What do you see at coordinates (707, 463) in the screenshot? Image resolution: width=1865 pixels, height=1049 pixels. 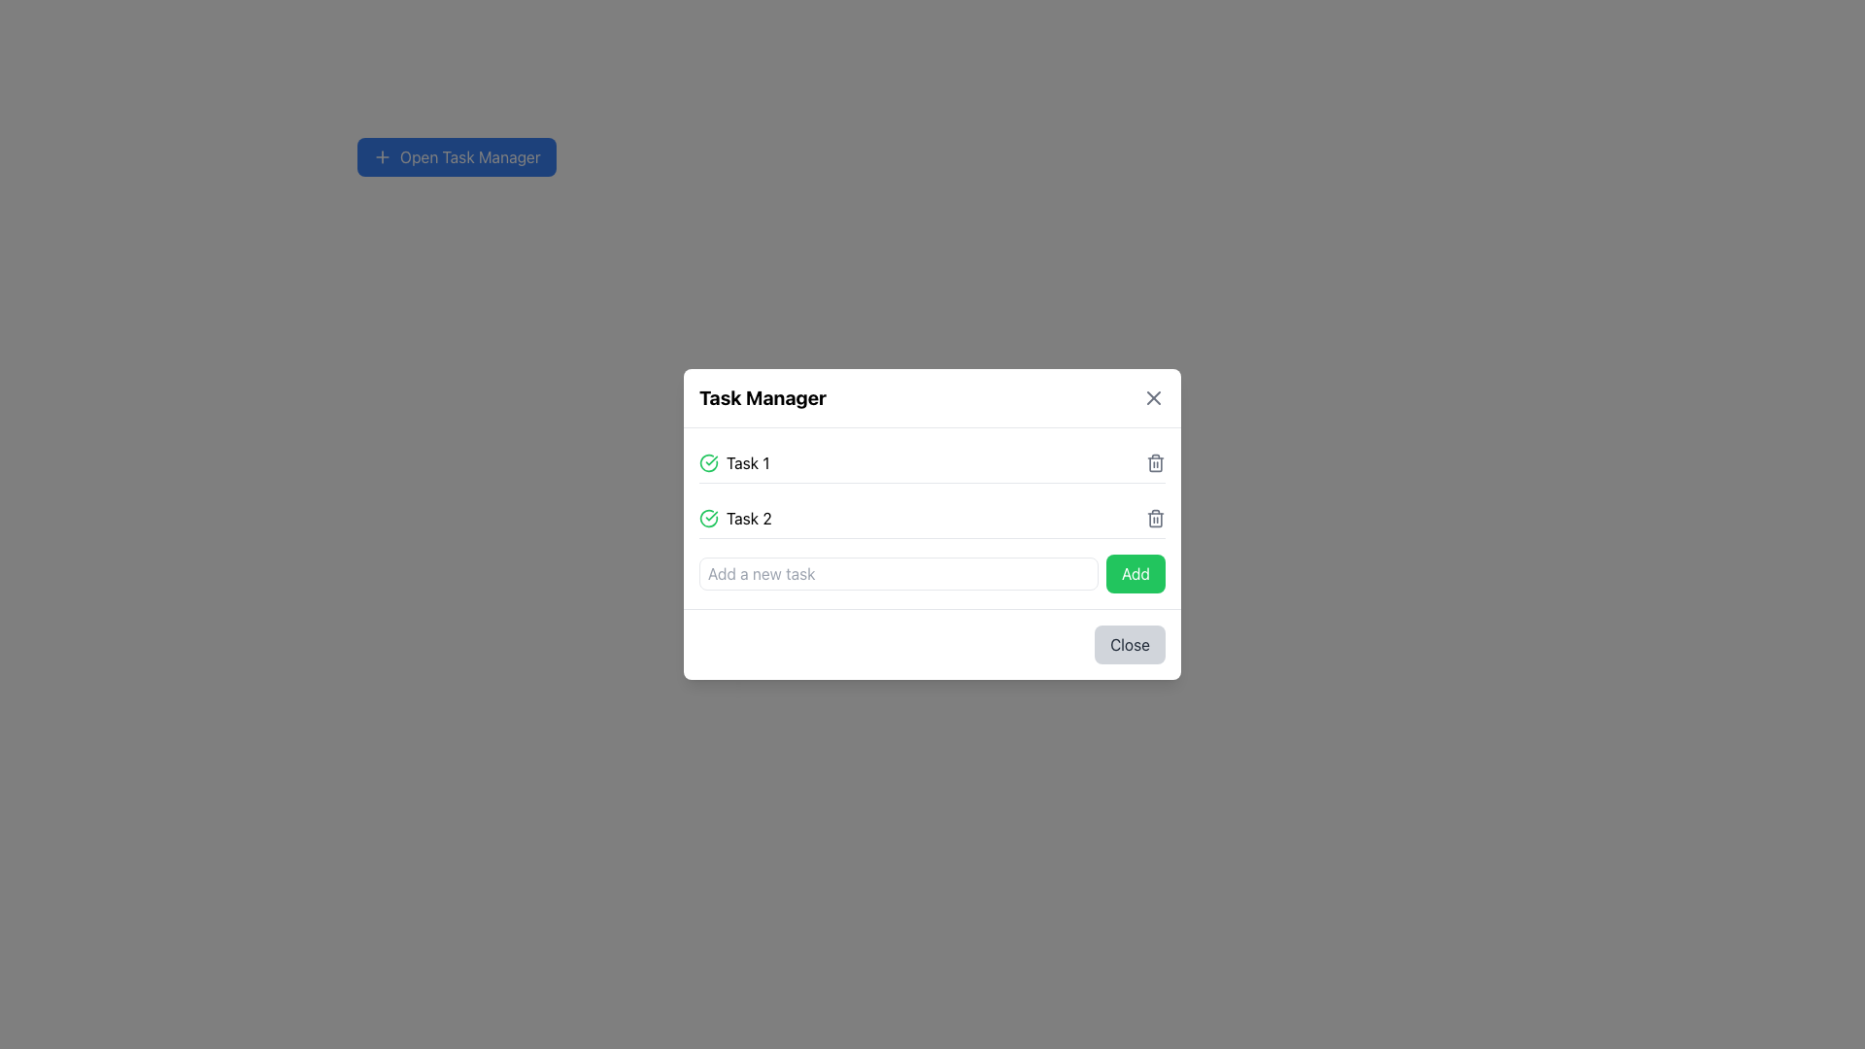 I see `the completion status icon for 'Task 1', which is located on the first row of the task list, adjacent to the left of the text label 'Task 1'` at bounding box center [707, 463].